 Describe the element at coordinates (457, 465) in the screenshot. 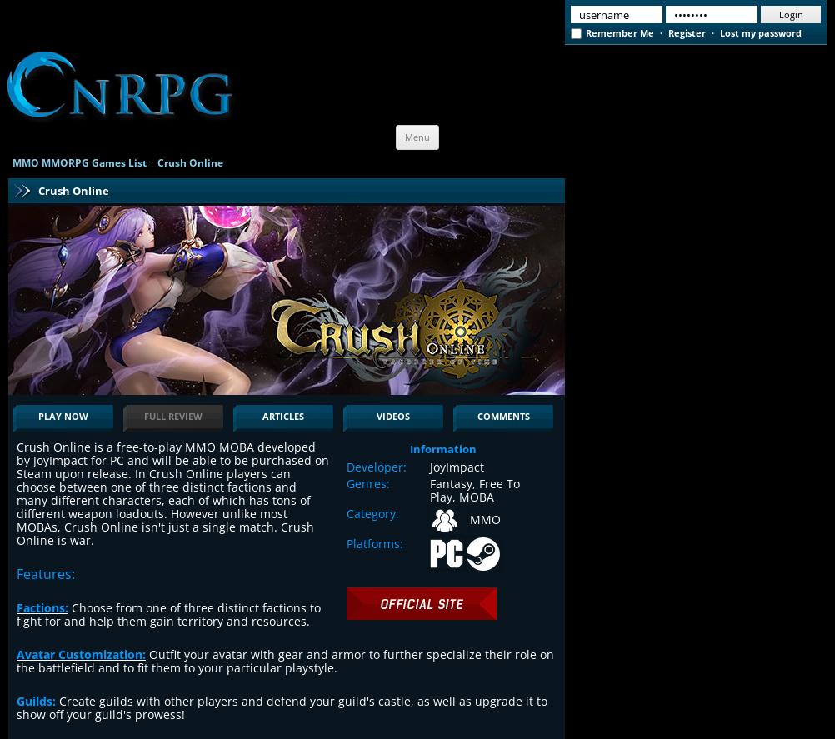

I see `'JoyImpact'` at that location.